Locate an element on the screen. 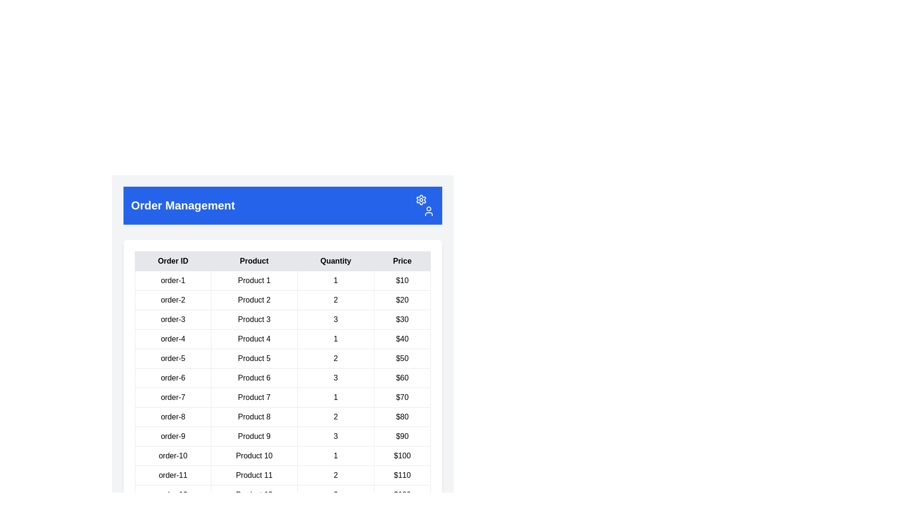 Image resolution: width=912 pixels, height=513 pixels. the Table Header Cell displaying 'Quantity', which is the third column header in a table row of four headers is located at coordinates (335, 261).